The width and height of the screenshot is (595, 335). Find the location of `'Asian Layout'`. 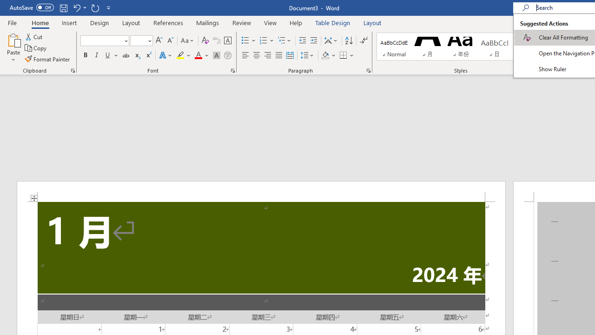

'Asian Layout' is located at coordinates (331, 40).